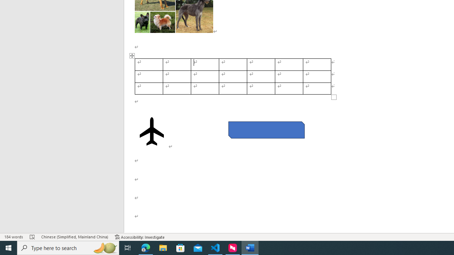 This screenshot has height=255, width=454. I want to click on 'Language Chinese (Simplified, Mainland China)', so click(74, 237).